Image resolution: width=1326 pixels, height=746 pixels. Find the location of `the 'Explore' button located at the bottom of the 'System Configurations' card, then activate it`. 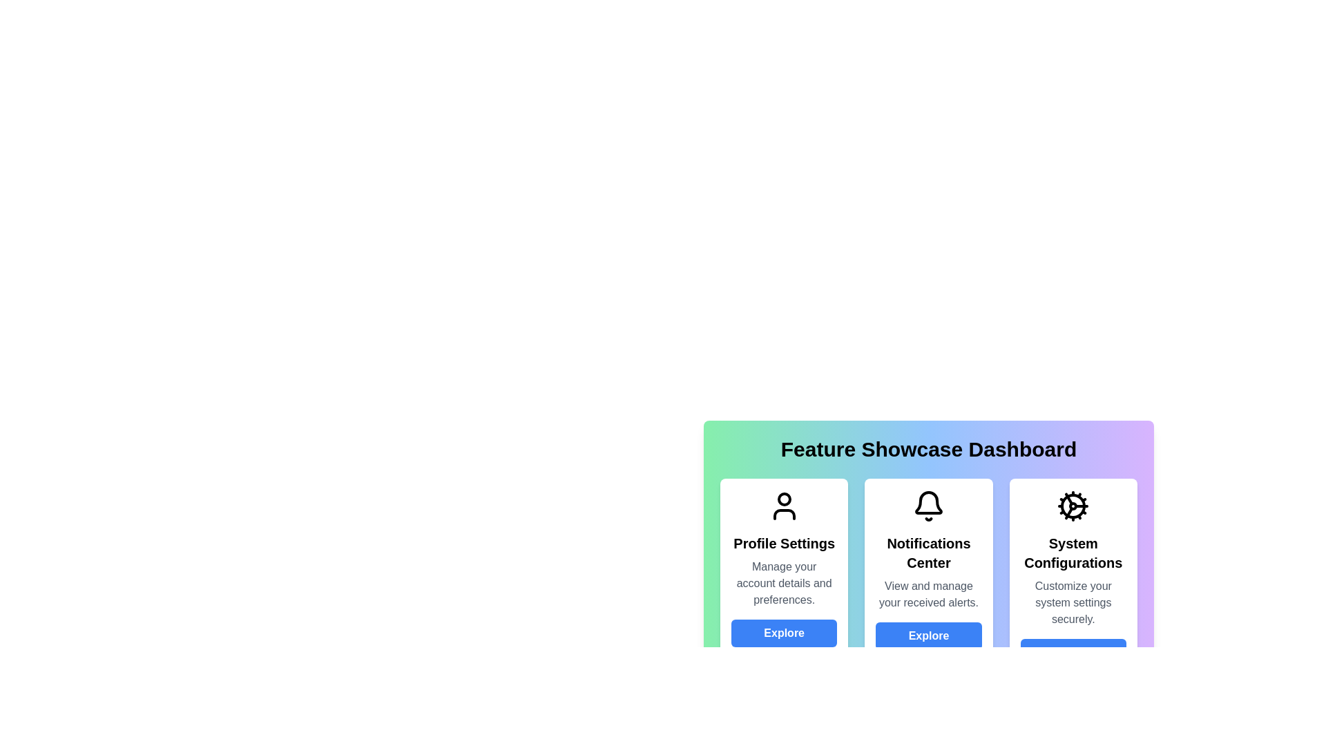

the 'Explore' button located at the bottom of the 'System Configurations' card, then activate it is located at coordinates (1073, 653).